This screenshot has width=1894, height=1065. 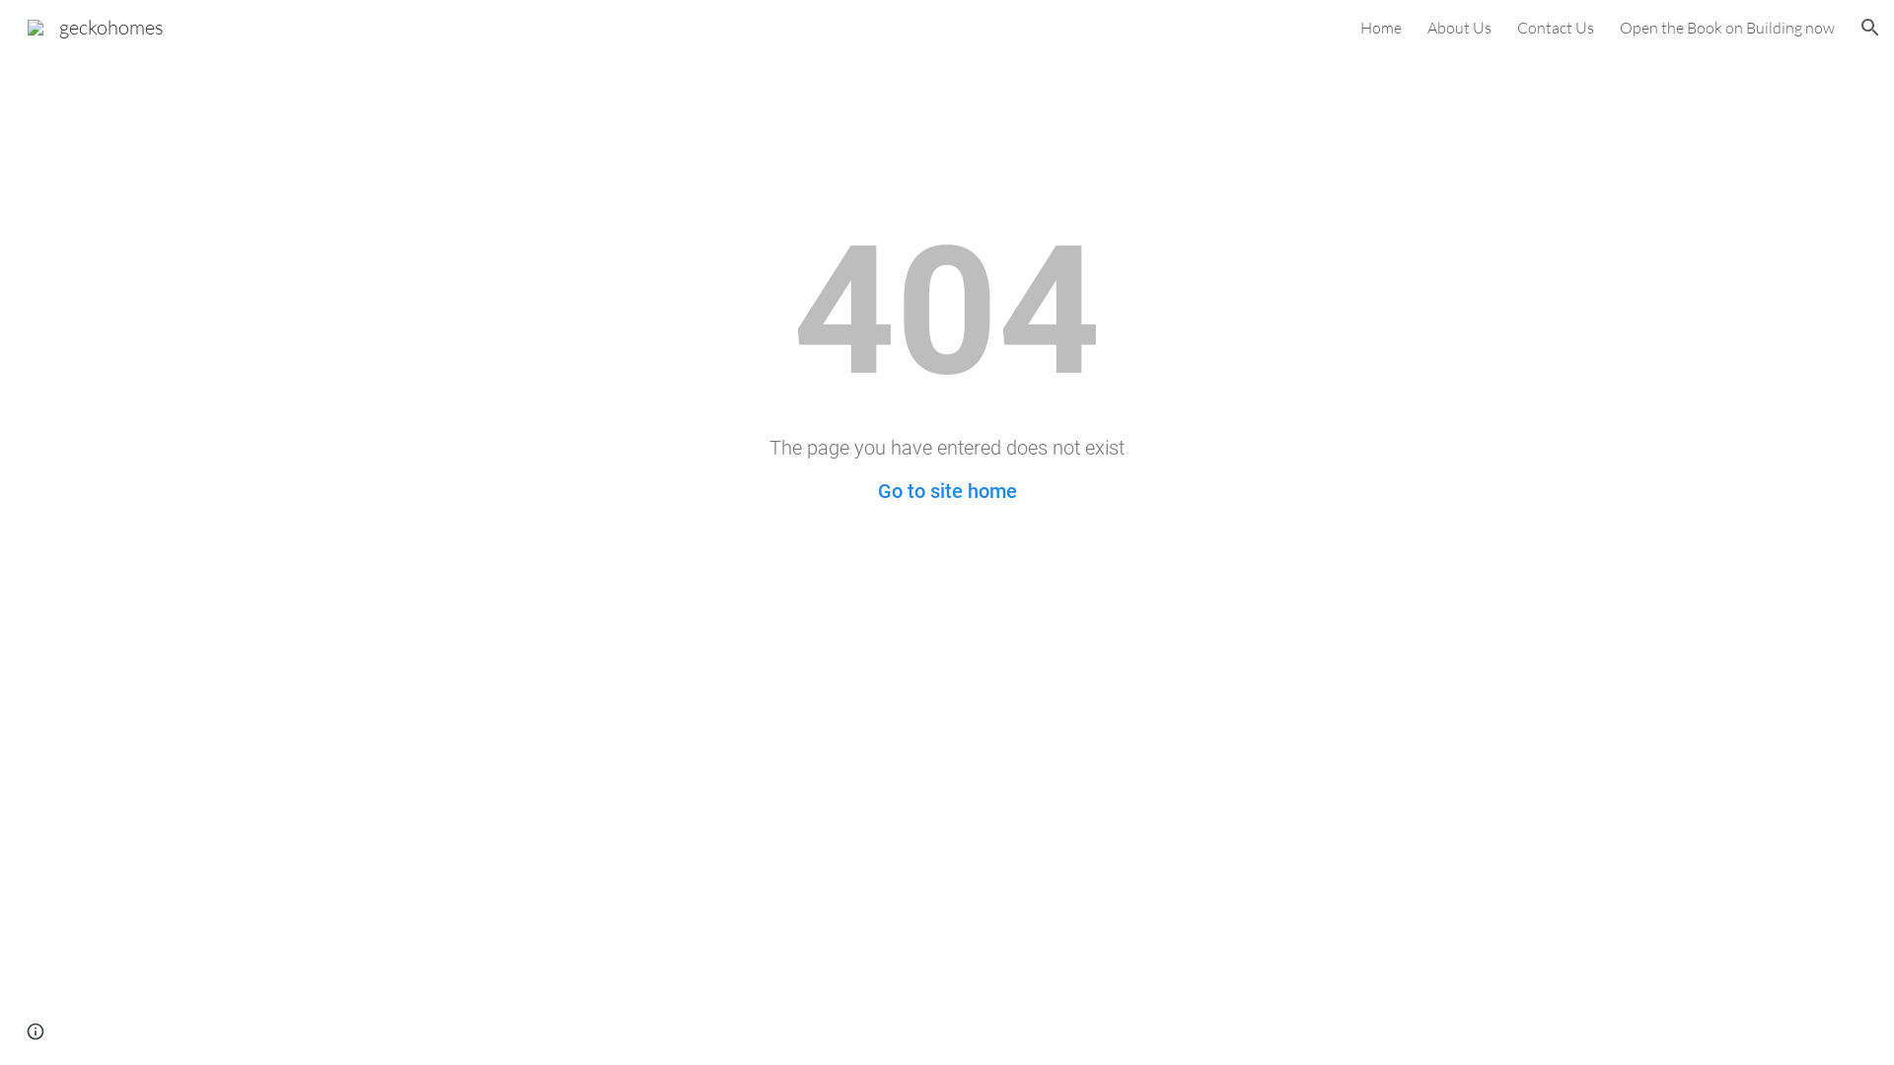 I want to click on 'Open the Book on Building now', so click(x=1726, y=27).